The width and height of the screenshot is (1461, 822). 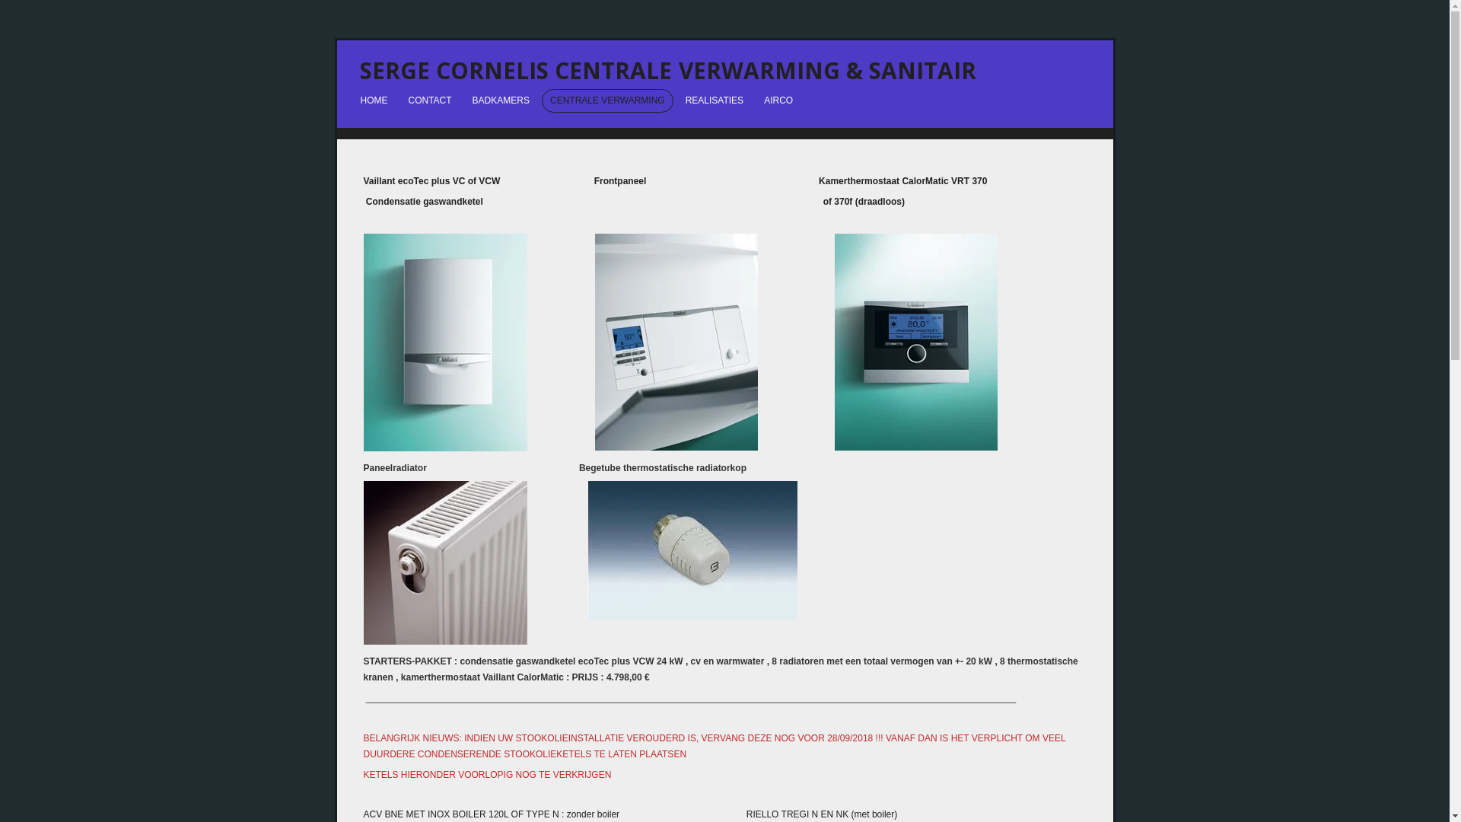 What do you see at coordinates (373, 100) in the screenshot?
I see `'HOME'` at bounding box center [373, 100].